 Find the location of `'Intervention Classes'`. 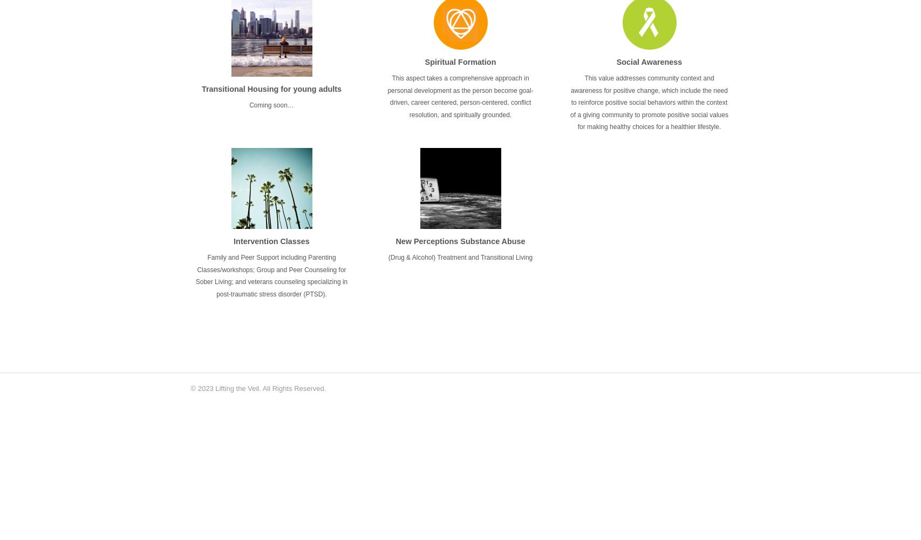

'Intervention Classes' is located at coordinates (234, 240).